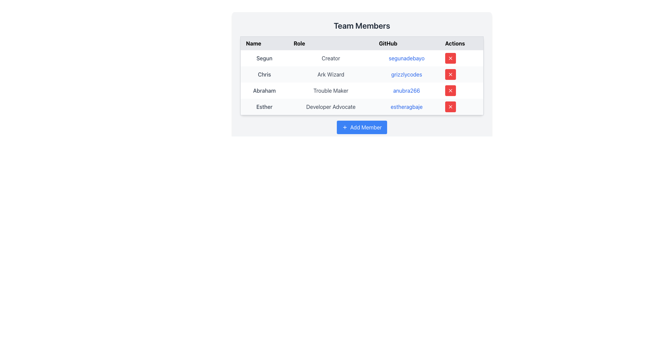 The image size is (648, 364). I want to click on the text label displaying 'Ark Wizard' located under the 'Role' column in the row associated with 'Chris', so click(331, 74).